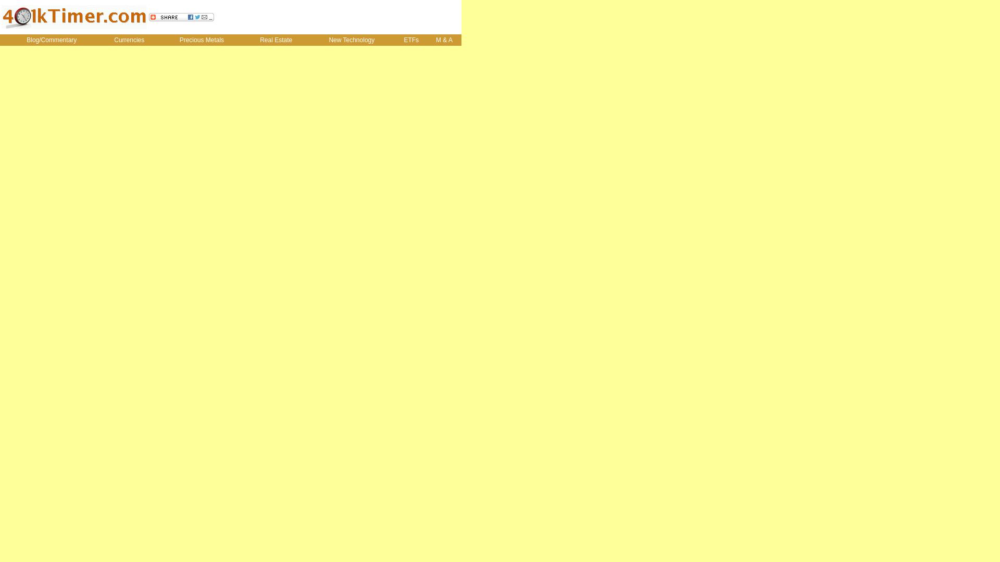 The image size is (1000, 562). Describe the element at coordinates (444, 40) in the screenshot. I see `'M & A'` at that location.